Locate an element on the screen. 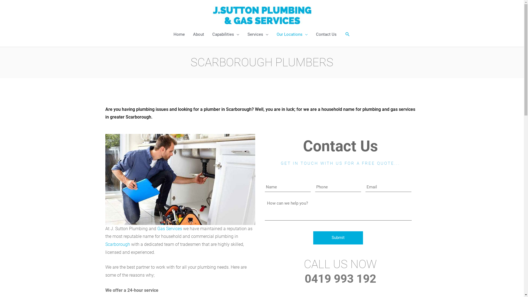  'Home' is located at coordinates (179, 34).